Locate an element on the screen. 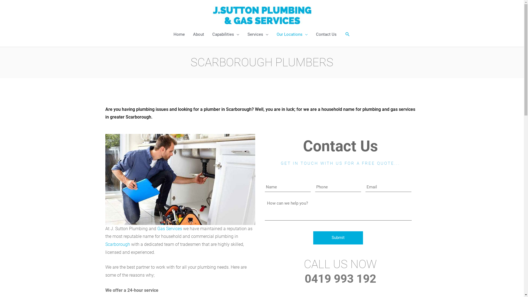  'Home' is located at coordinates (179, 34).